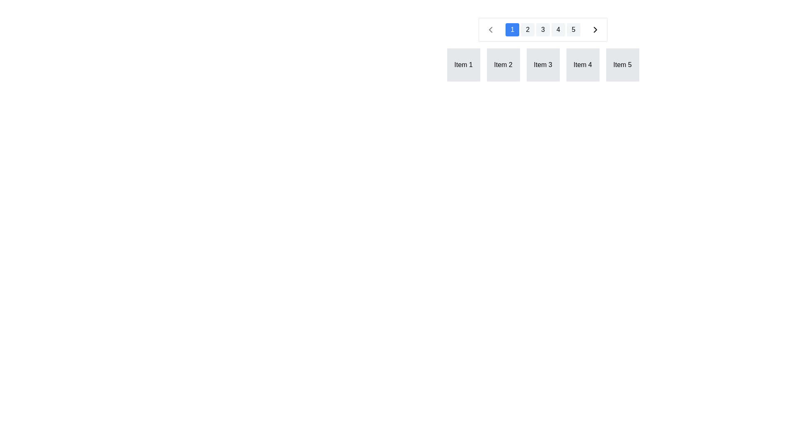 This screenshot has width=795, height=447. Describe the element at coordinates (543, 65) in the screenshot. I see `text label that displays 'Item 3', which is located in the center of a gray box beneath navigation controls` at that location.